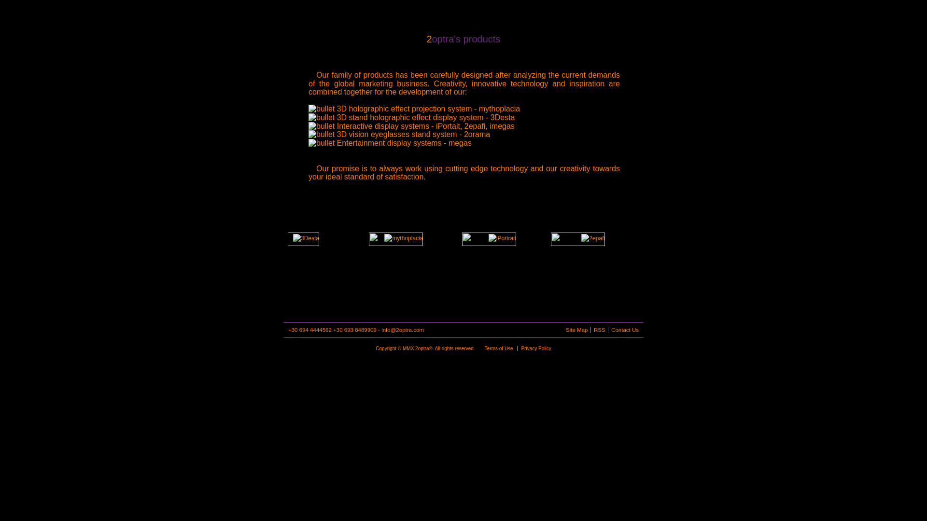 Image resolution: width=927 pixels, height=521 pixels. Describe the element at coordinates (597, 329) in the screenshot. I see `'RSS'` at that location.